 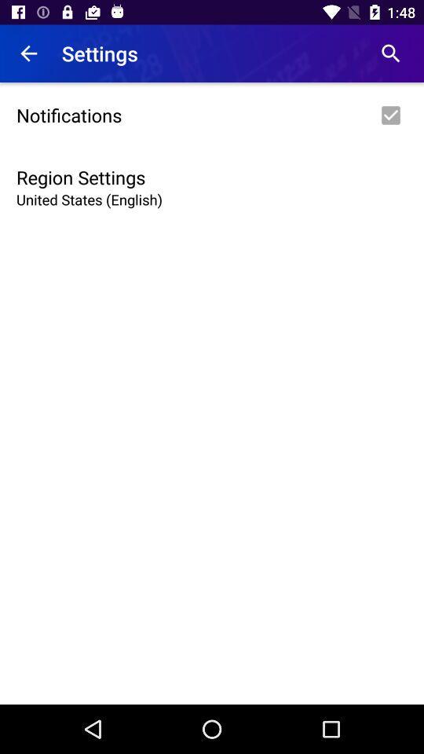 I want to click on the notifications icon, so click(x=212, y=114).